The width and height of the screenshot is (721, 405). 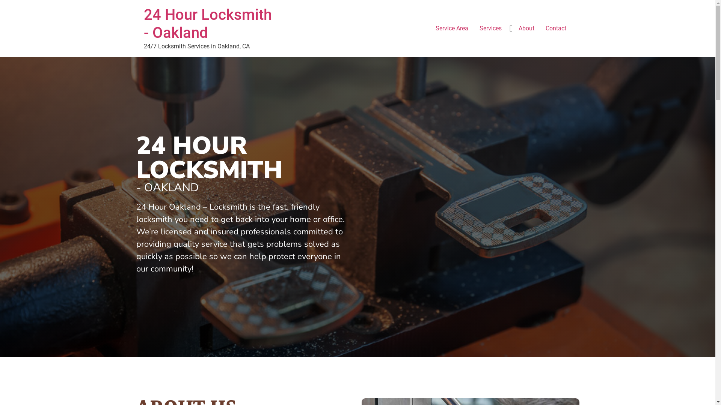 What do you see at coordinates (513, 28) in the screenshot?
I see `'About'` at bounding box center [513, 28].